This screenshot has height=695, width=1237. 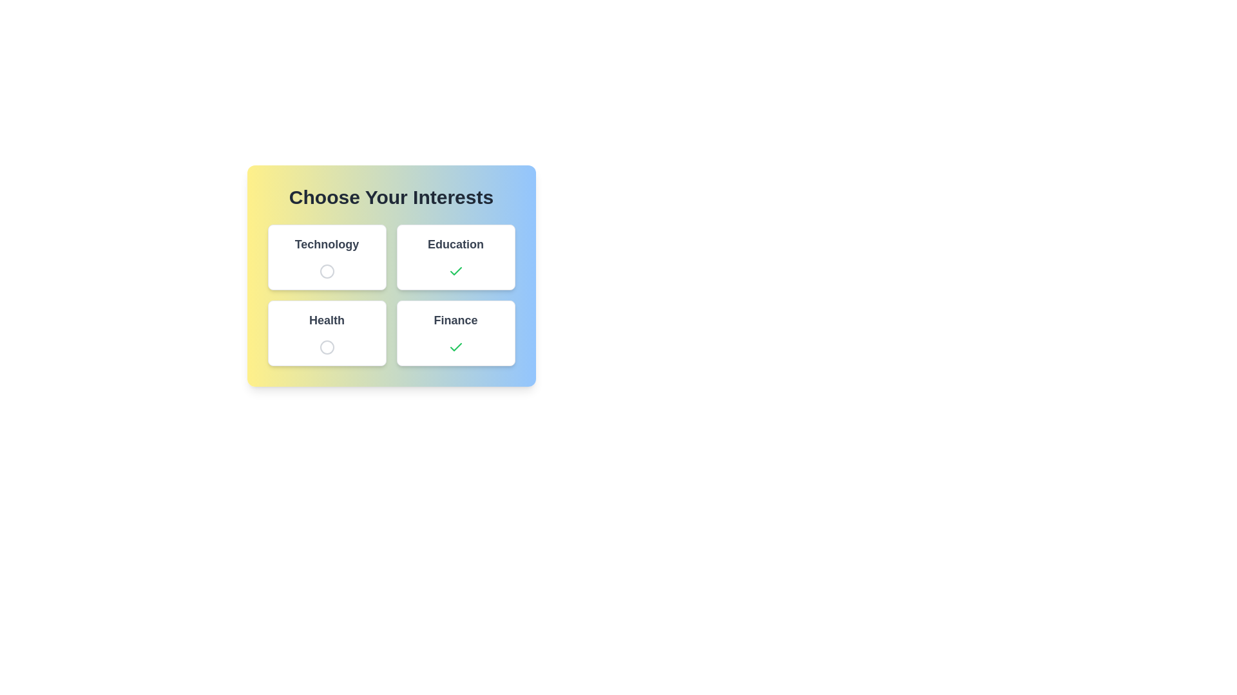 I want to click on the category button labeled Finance, so click(x=455, y=332).